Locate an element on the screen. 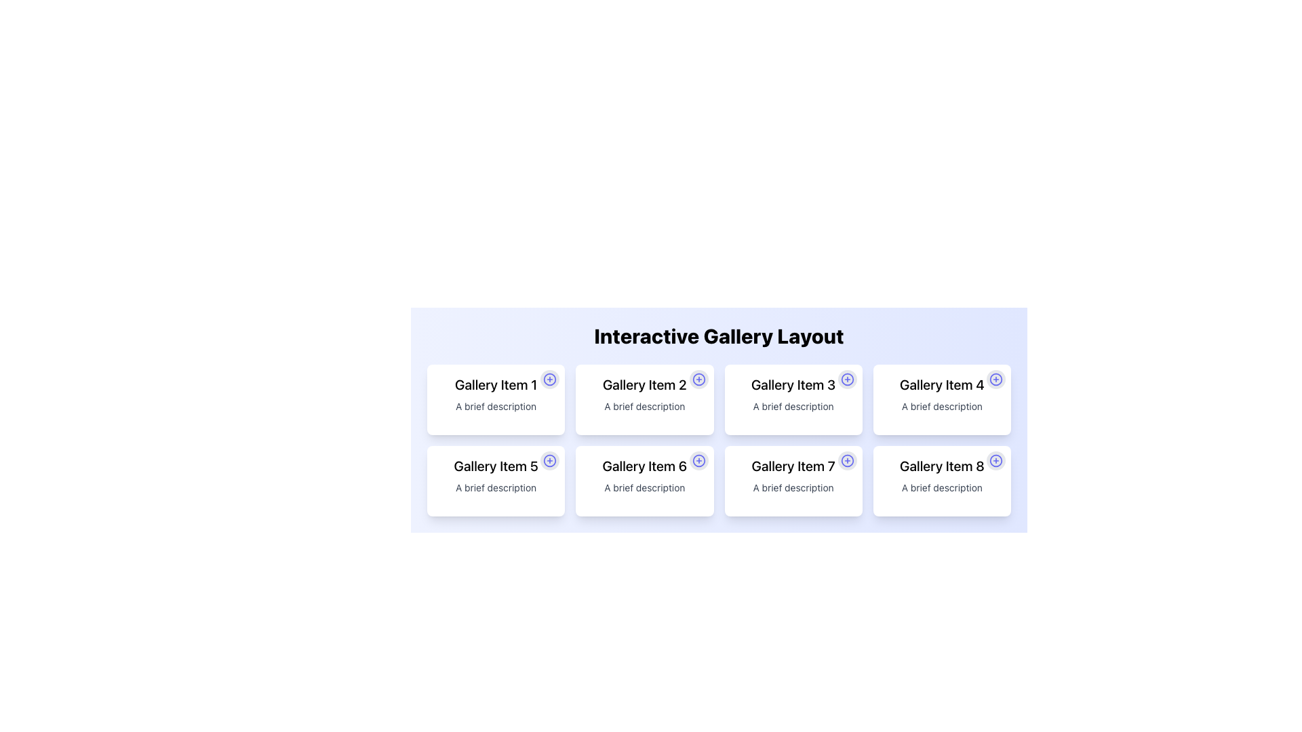  the indigo circular icon button with a plus sign located in the top-right corner of the second gallery item is located at coordinates (698, 379).